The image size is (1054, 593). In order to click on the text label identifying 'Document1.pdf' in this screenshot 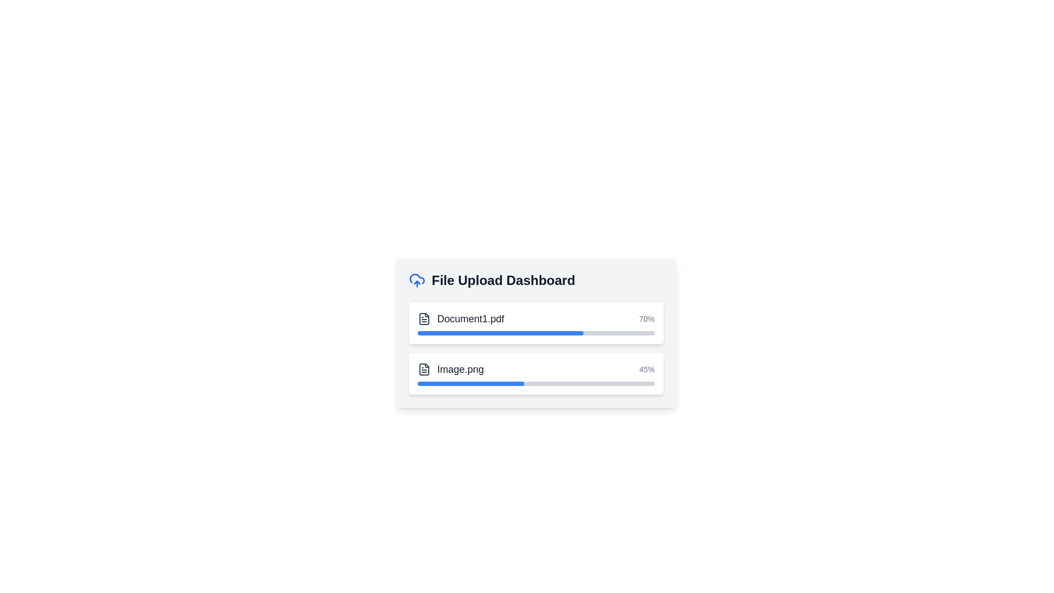, I will do `click(470, 319)`.